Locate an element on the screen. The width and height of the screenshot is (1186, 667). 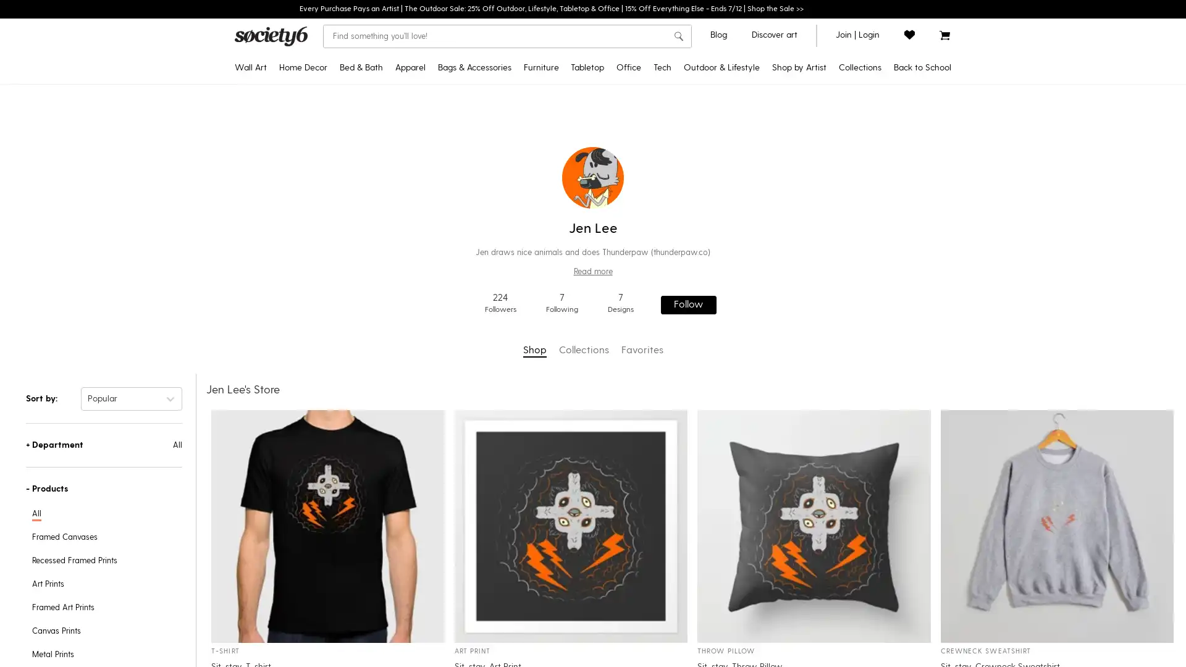
Leggings is located at coordinates (448, 238).